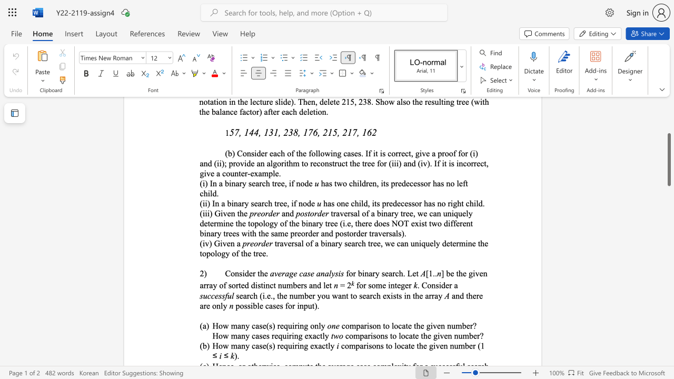  I want to click on the scrollbar and move down 180 pixels, so click(668, 159).